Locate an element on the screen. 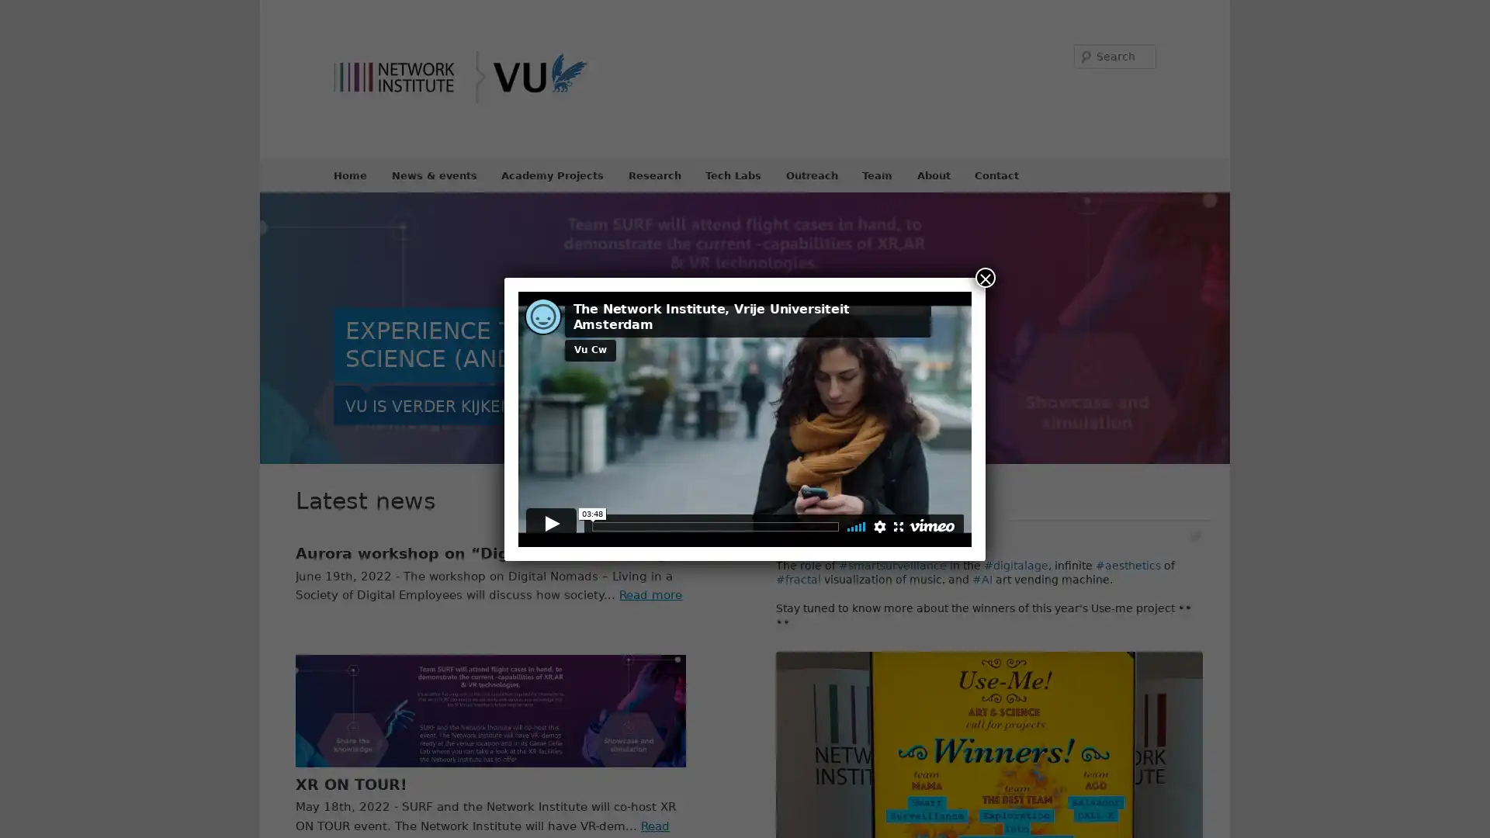 The width and height of the screenshot is (1490, 838). Close is located at coordinates (985, 276).